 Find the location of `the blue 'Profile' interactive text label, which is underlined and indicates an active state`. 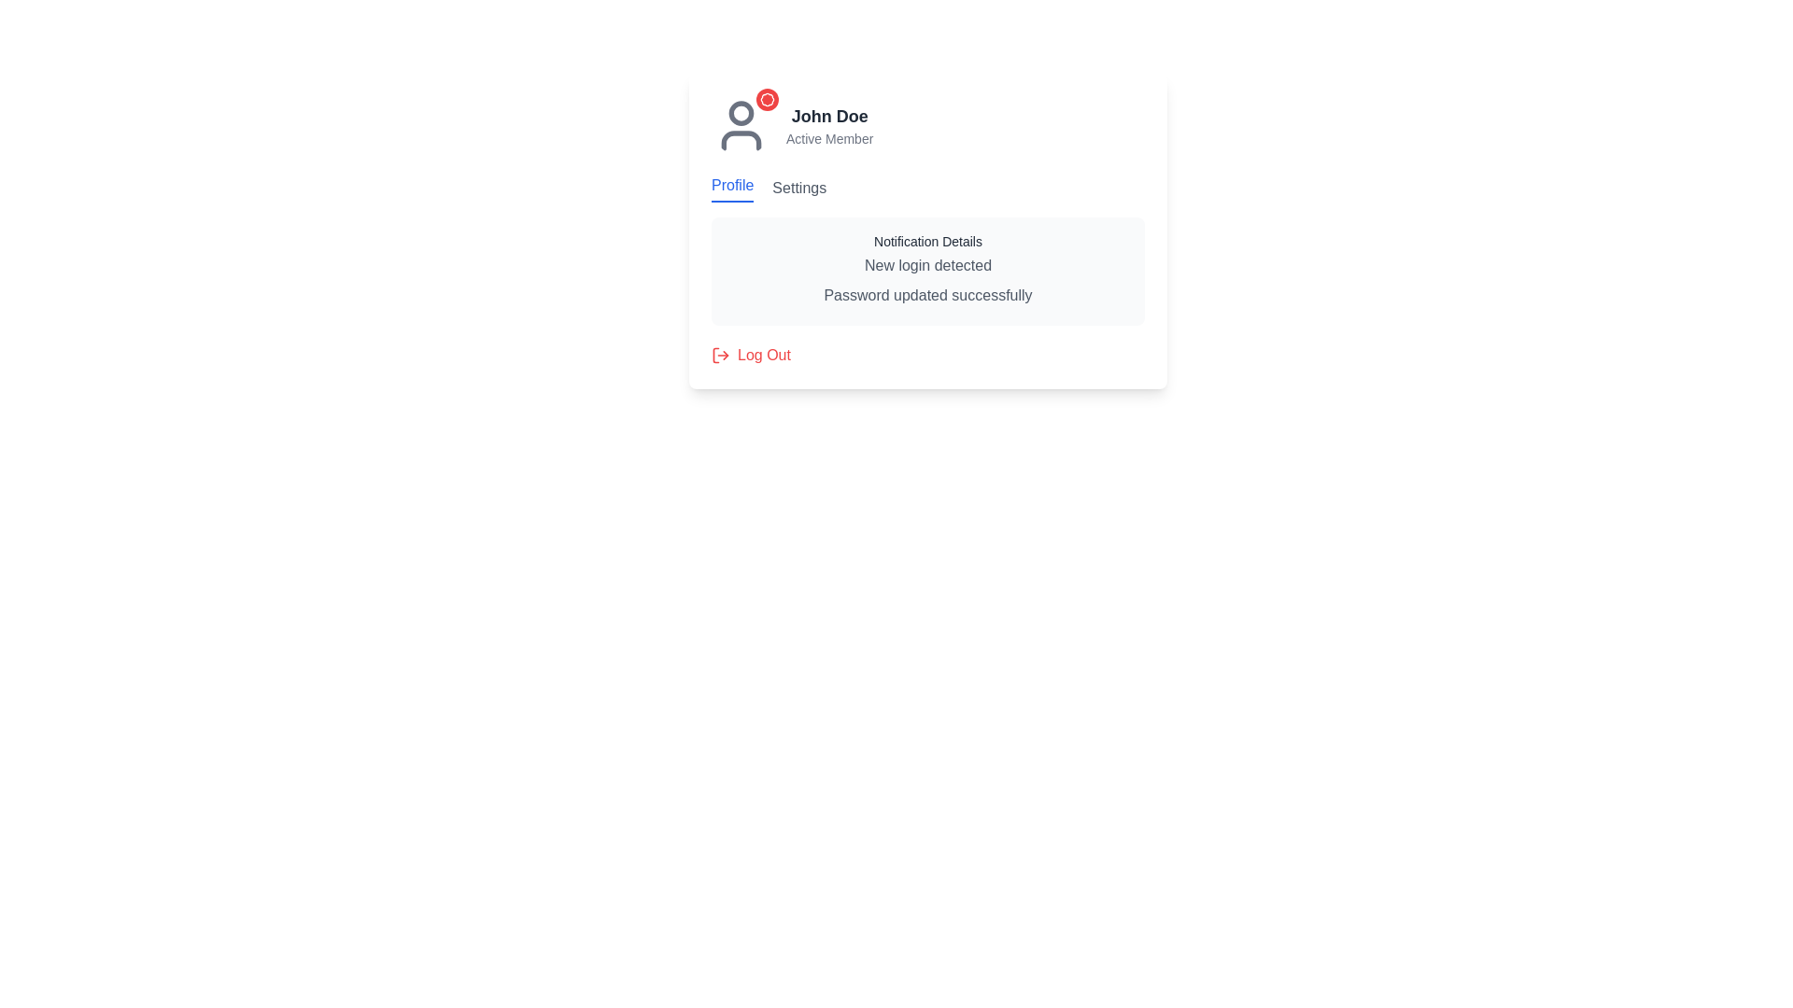

the blue 'Profile' interactive text label, which is underlined and indicates an active state is located at coordinates (731, 188).